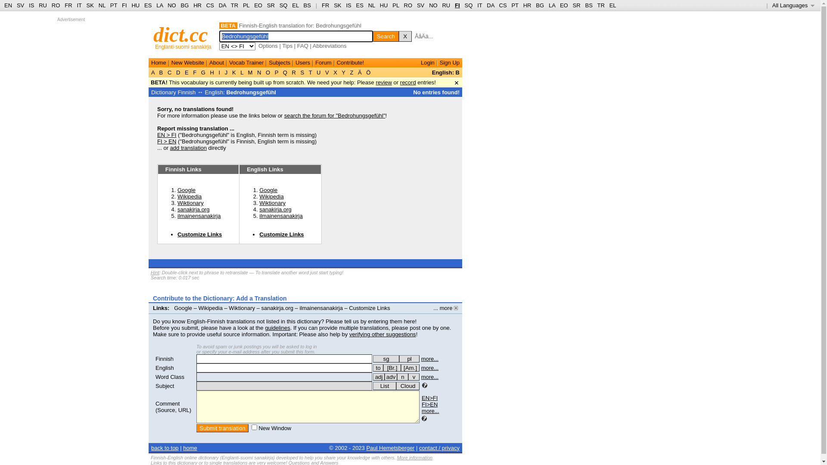 This screenshot has width=827, height=465. What do you see at coordinates (155, 272) in the screenshot?
I see `'Hint'` at bounding box center [155, 272].